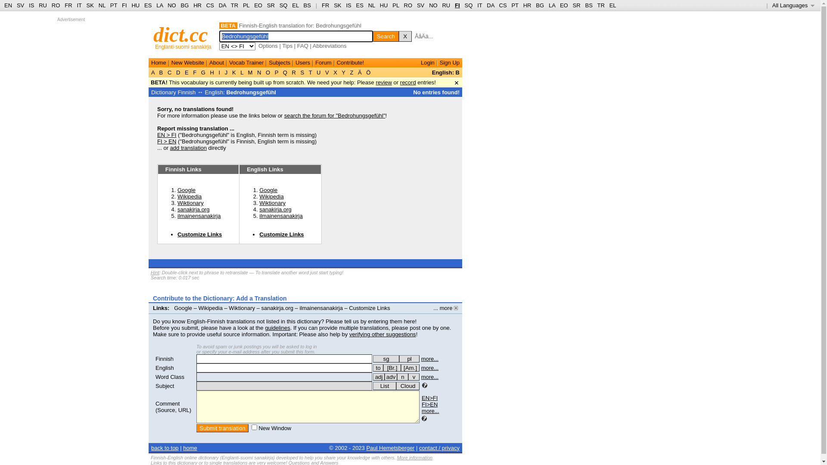 This screenshot has width=827, height=465. What do you see at coordinates (155, 272) in the screenshot?
I see `'Hint'` at bounding box center [155, 272].